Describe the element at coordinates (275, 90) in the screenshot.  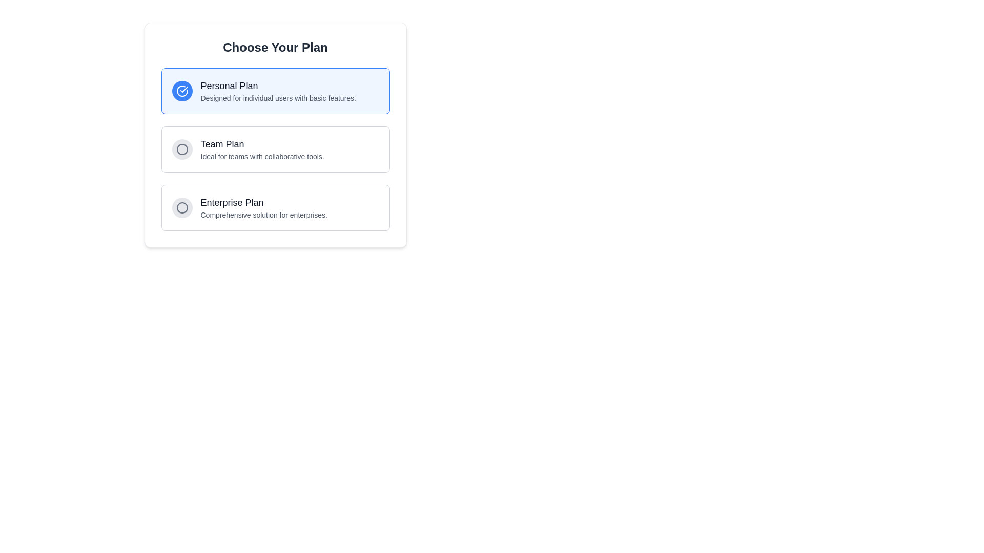
I see `the 'Personal Plan' button, which is the first option in a vertical list of plans` at that location.